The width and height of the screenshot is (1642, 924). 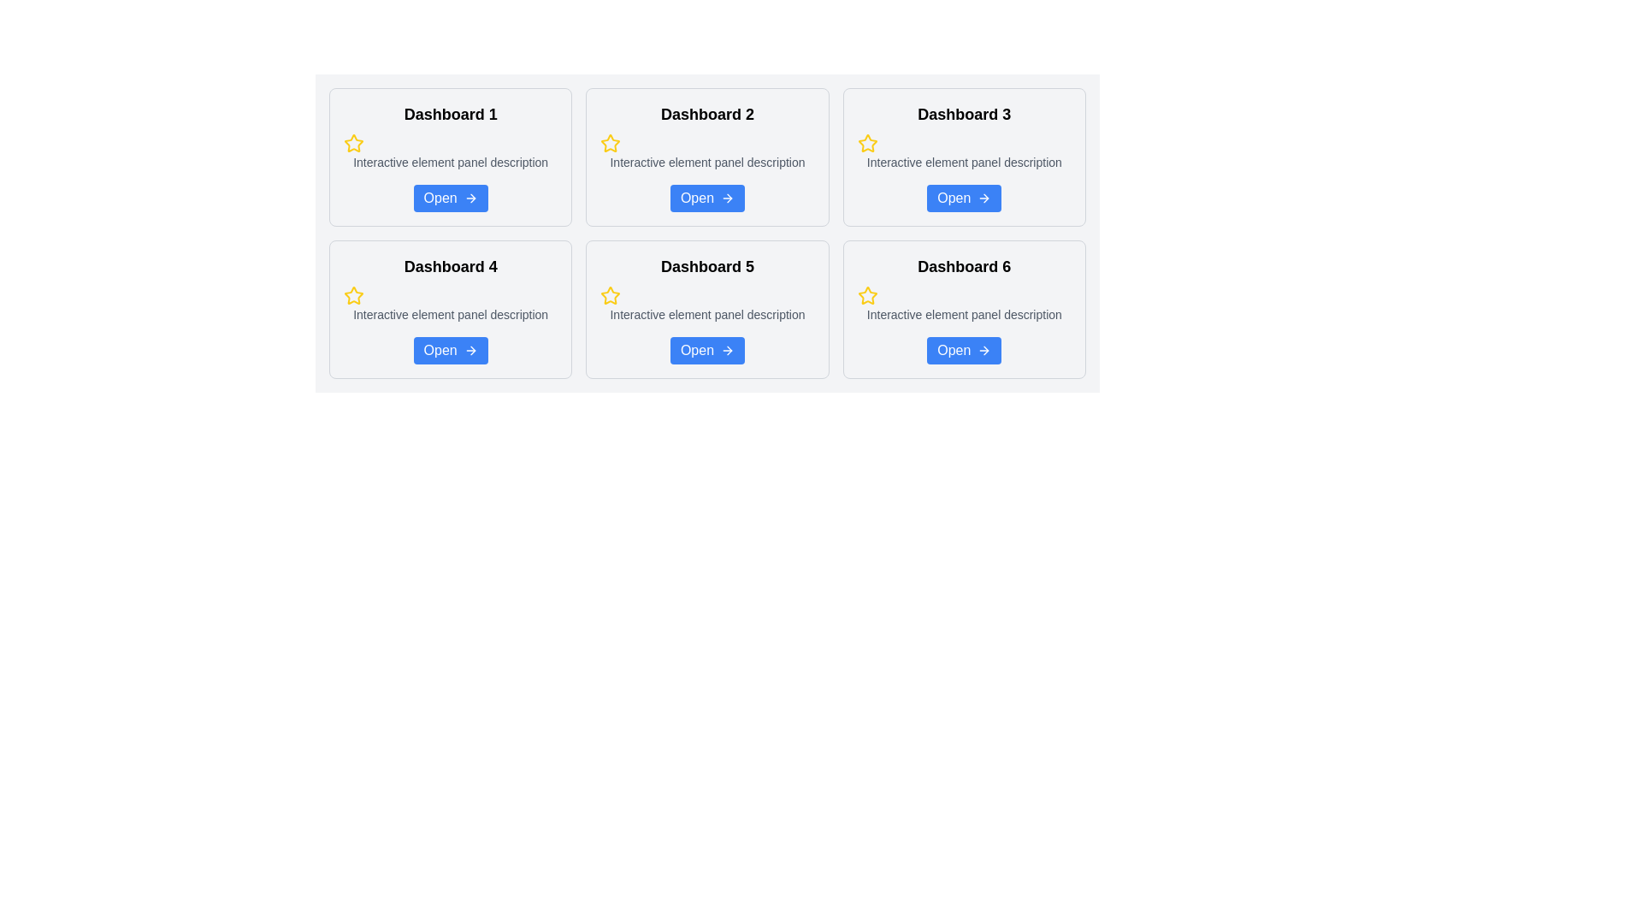 What do you see at coordinates (611, 141) in the screenshot?
I see `the star icon button` at bounding box center [611, 141].